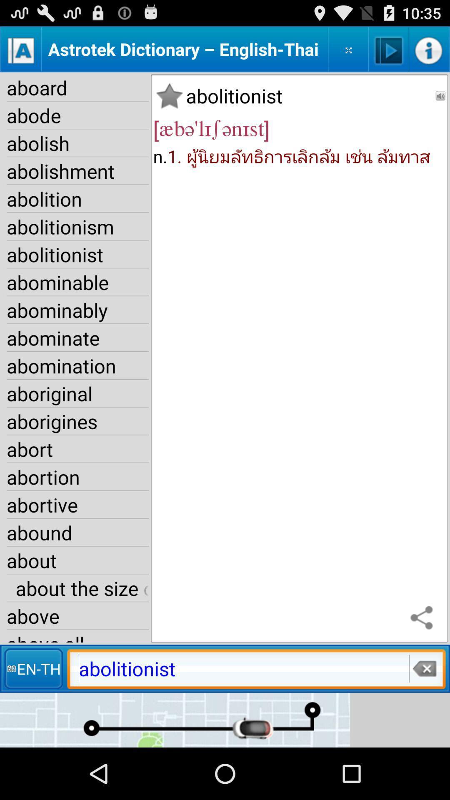  Describe the element at coordinates (169, 96) in the screenshot. I see `item next to aboard item` at that location.